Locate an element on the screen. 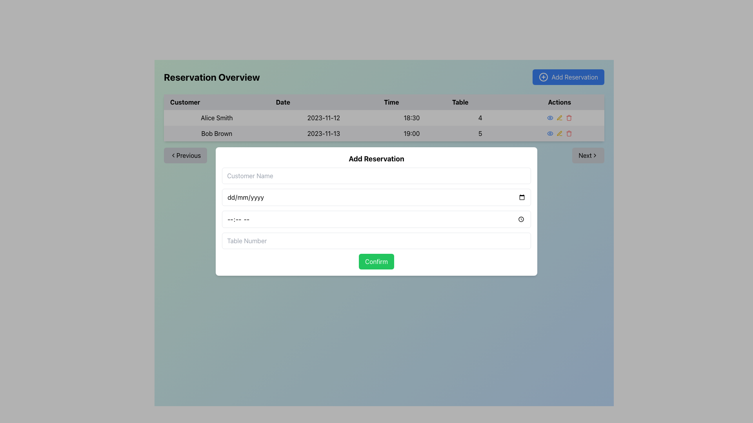  the text box displaying the number '5', which is located in the fourth column of the second row in the reservation table is located at coordinates (480, 133).